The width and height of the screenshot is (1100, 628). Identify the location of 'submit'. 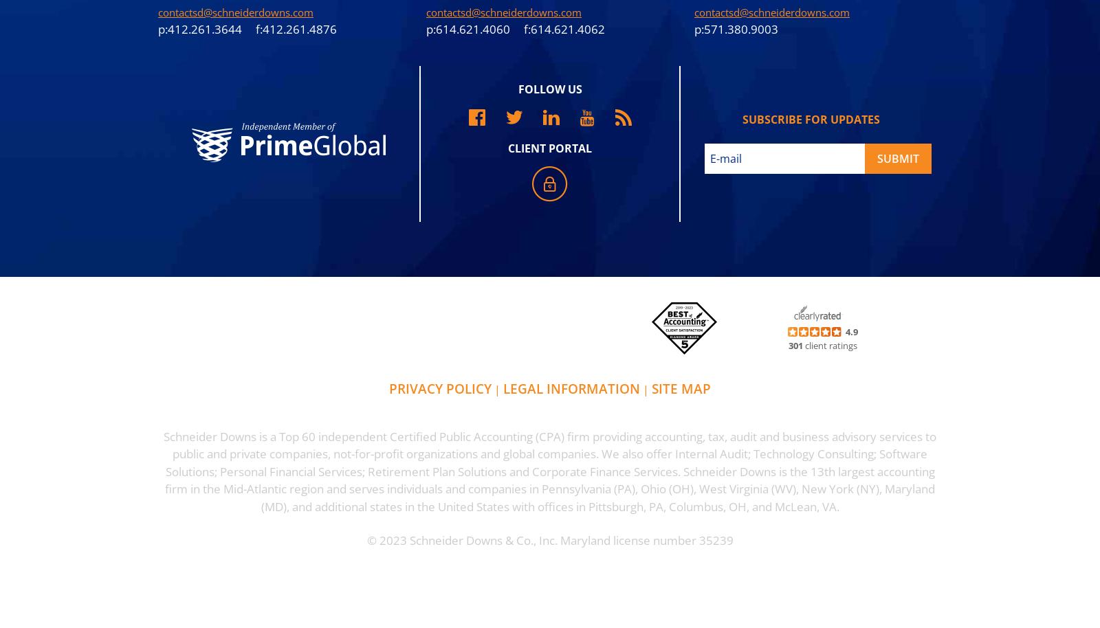
(897, 157).